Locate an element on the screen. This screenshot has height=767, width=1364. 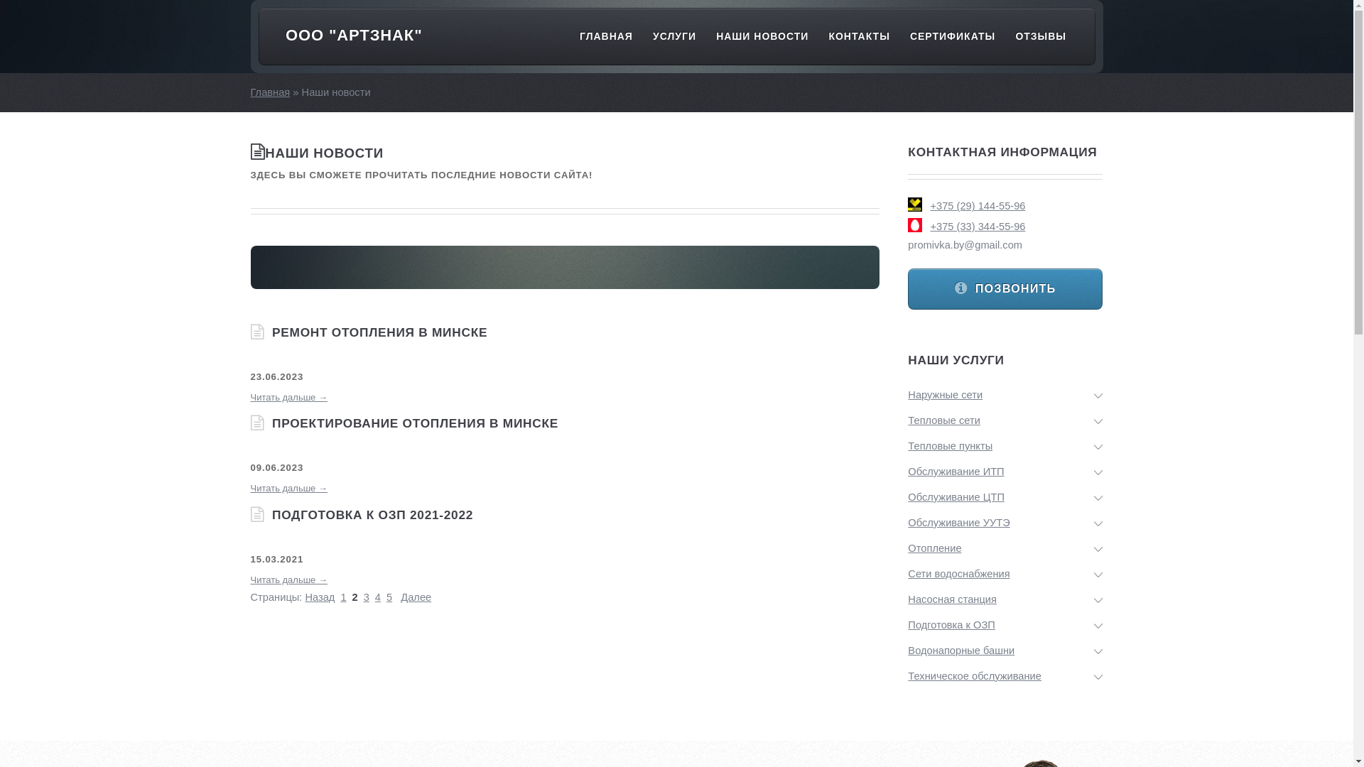
'3' is located at coordinates (366, 597).